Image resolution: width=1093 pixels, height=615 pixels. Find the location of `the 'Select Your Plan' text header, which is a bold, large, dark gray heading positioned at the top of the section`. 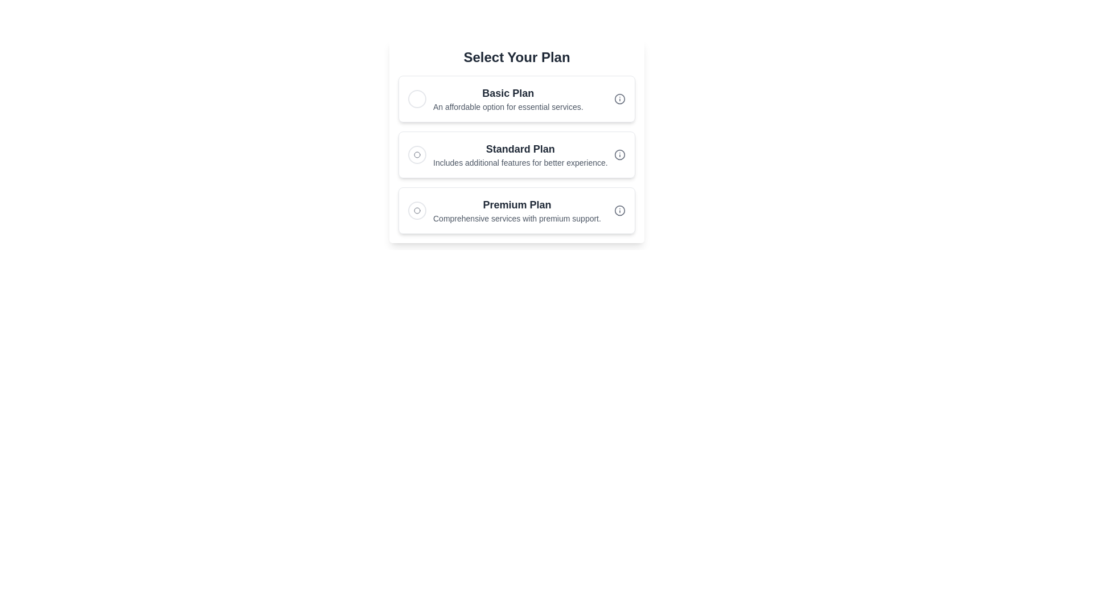

the 'Select Your Plan' text header, which is a bold, large, dark gray heading positioned at the top of the section is located at coordinates (516, 57).